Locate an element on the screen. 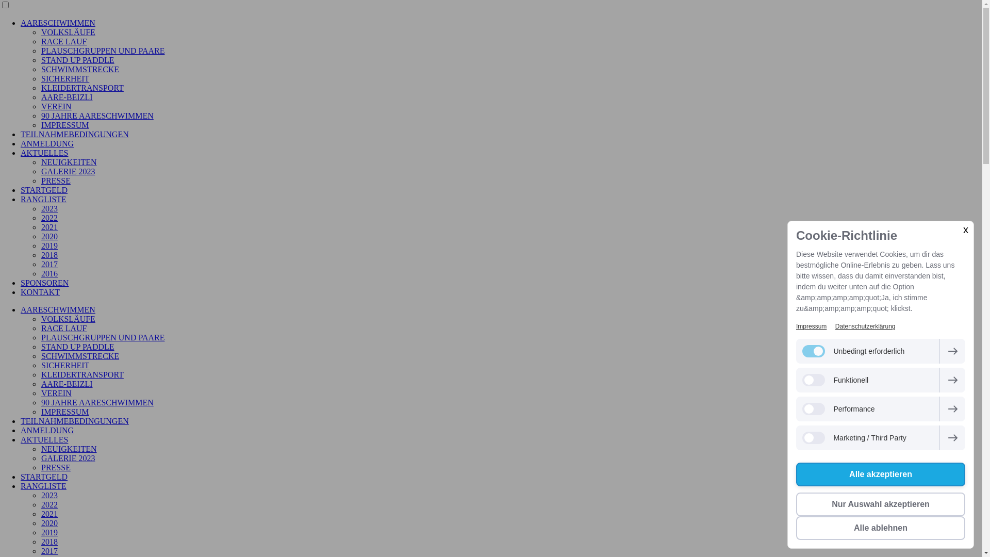 Image resolution: width=990 pixels, height=557 pixels. '2019' is located at coordinates (49, 245).